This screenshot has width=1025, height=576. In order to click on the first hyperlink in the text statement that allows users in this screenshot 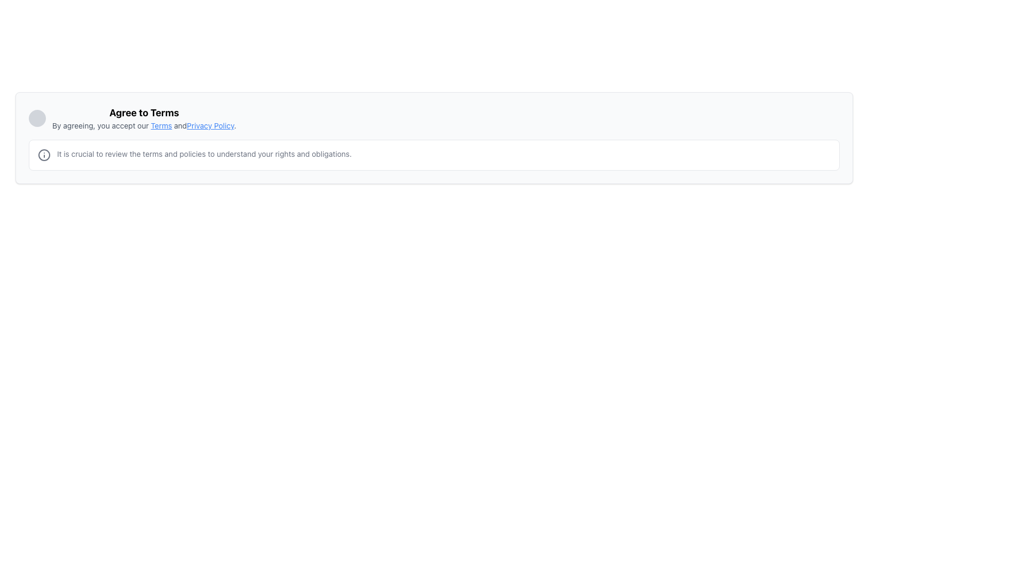, I will do `click(161, 125)`.